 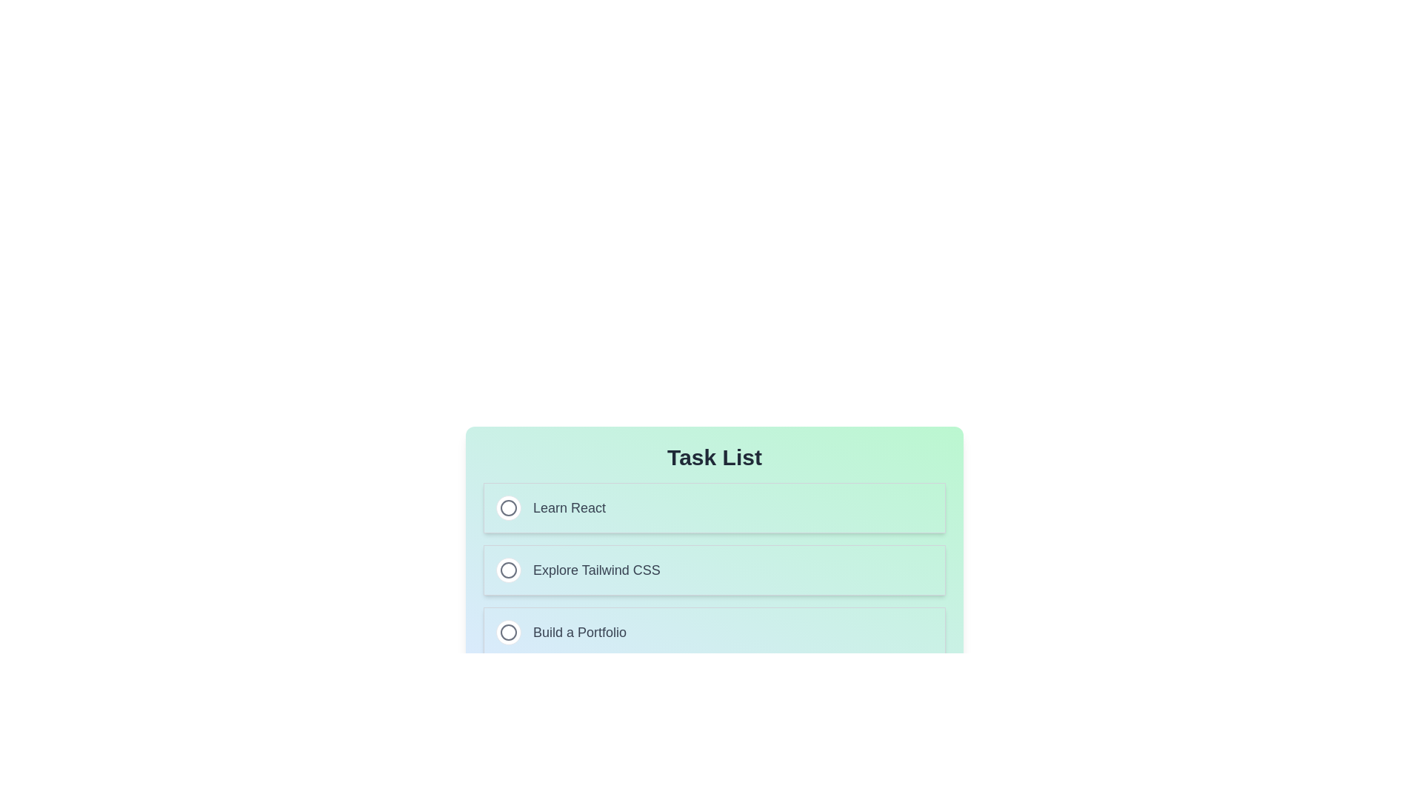 What do you see at coordinates (714, 632) in the screenshot?
I see `the interactive radio button associated with the 'Build a Portfolio' option in the third row of the vertical list` at bounding box center [714, 632].